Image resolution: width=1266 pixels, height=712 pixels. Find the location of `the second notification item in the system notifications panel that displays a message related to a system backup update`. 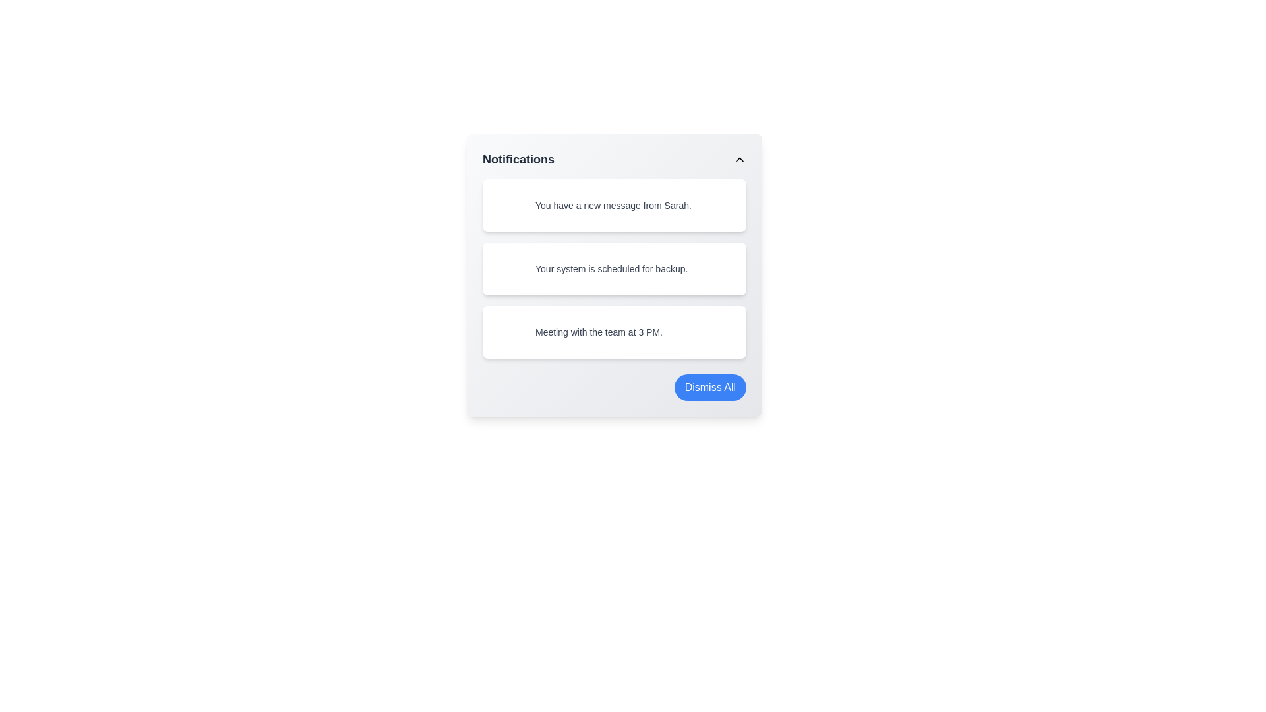

the second notification item in the system notifications panel that displays a message related to a system backup update is located at coordinates (613, 274).